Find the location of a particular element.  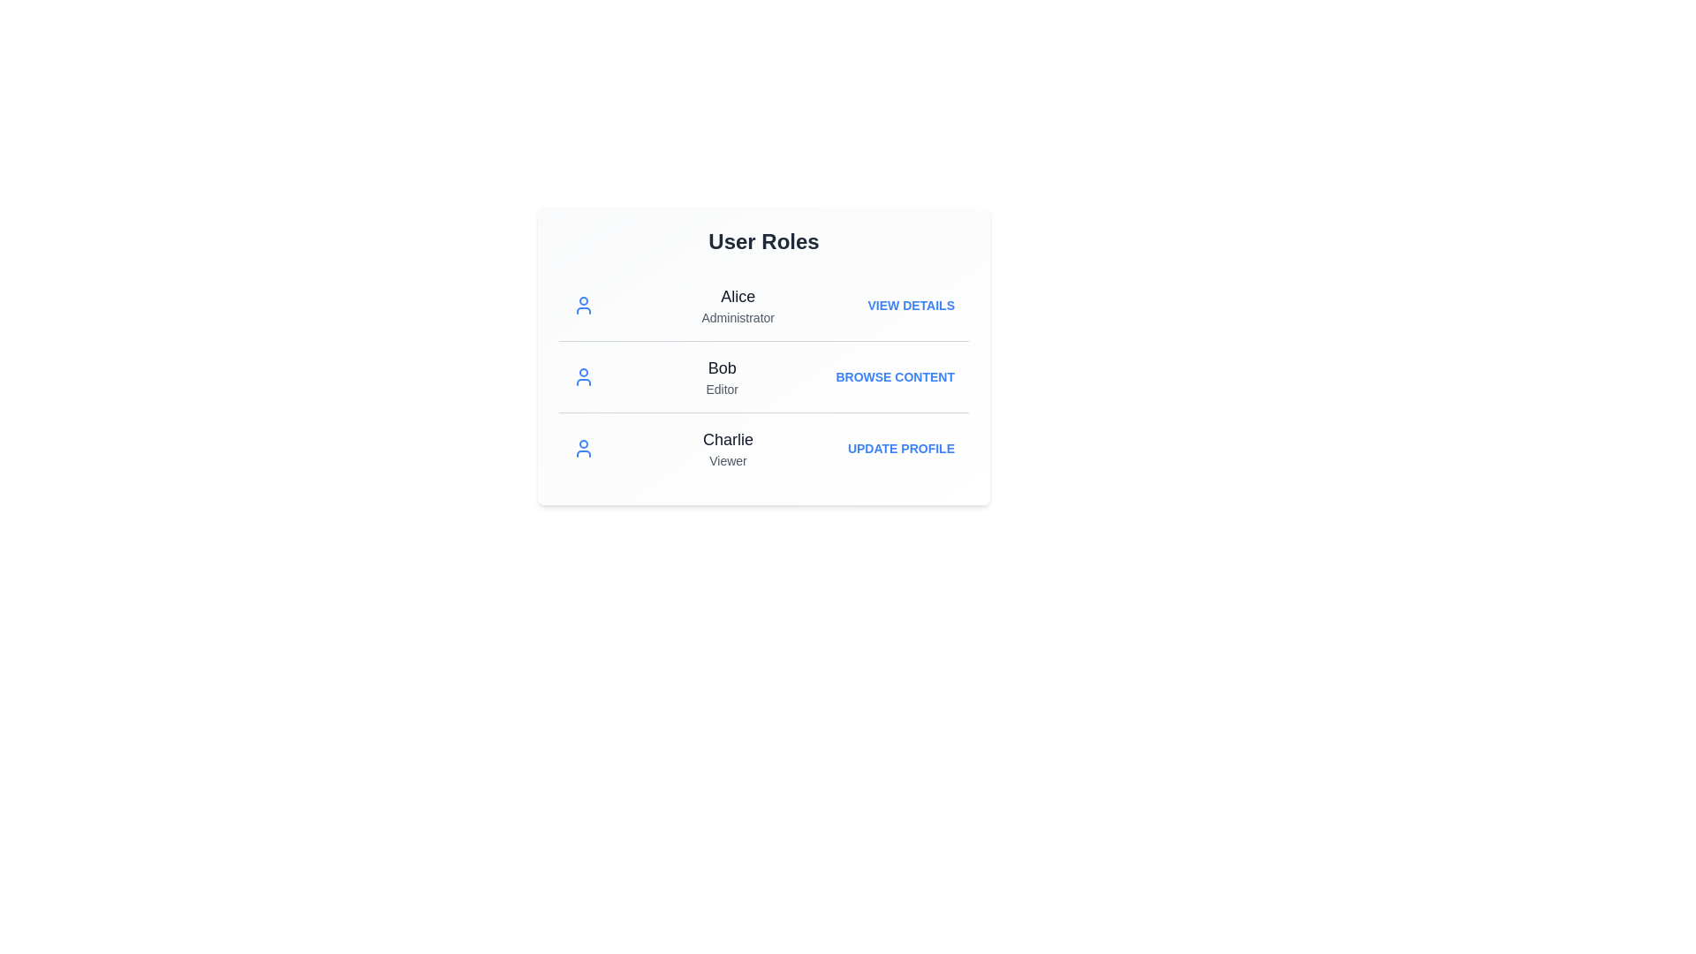

the 'UPDATE PROFILE' text link, which is styled with bold uppercase blue letters and located at the far-right of the user information row for 'Charlie' is located at coordinates (901, 448).